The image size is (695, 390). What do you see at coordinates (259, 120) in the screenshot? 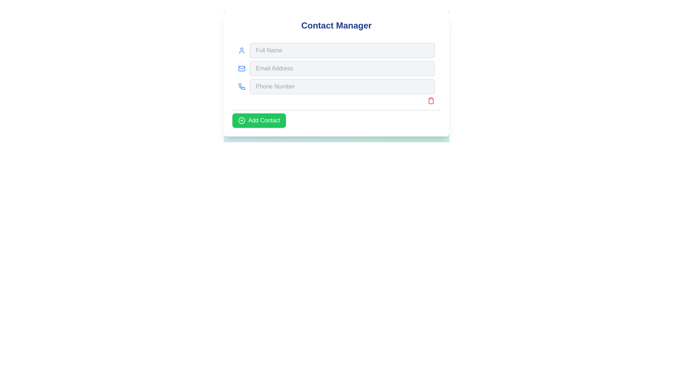
I see `the 'Add Contact' button, which is a green rounded rectangular button with white text and a '+' icon, located at the bottom of the form fields` at bounding box center [259, 120].